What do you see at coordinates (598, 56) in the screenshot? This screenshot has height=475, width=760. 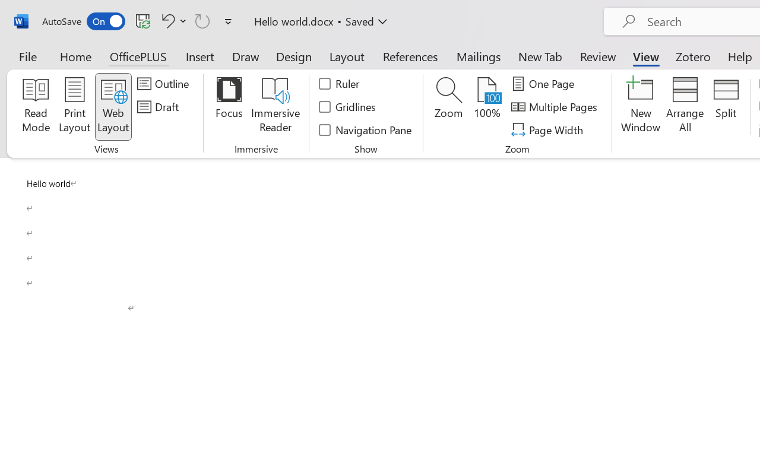 I see `'Review'` at bounding box center [598, 56].